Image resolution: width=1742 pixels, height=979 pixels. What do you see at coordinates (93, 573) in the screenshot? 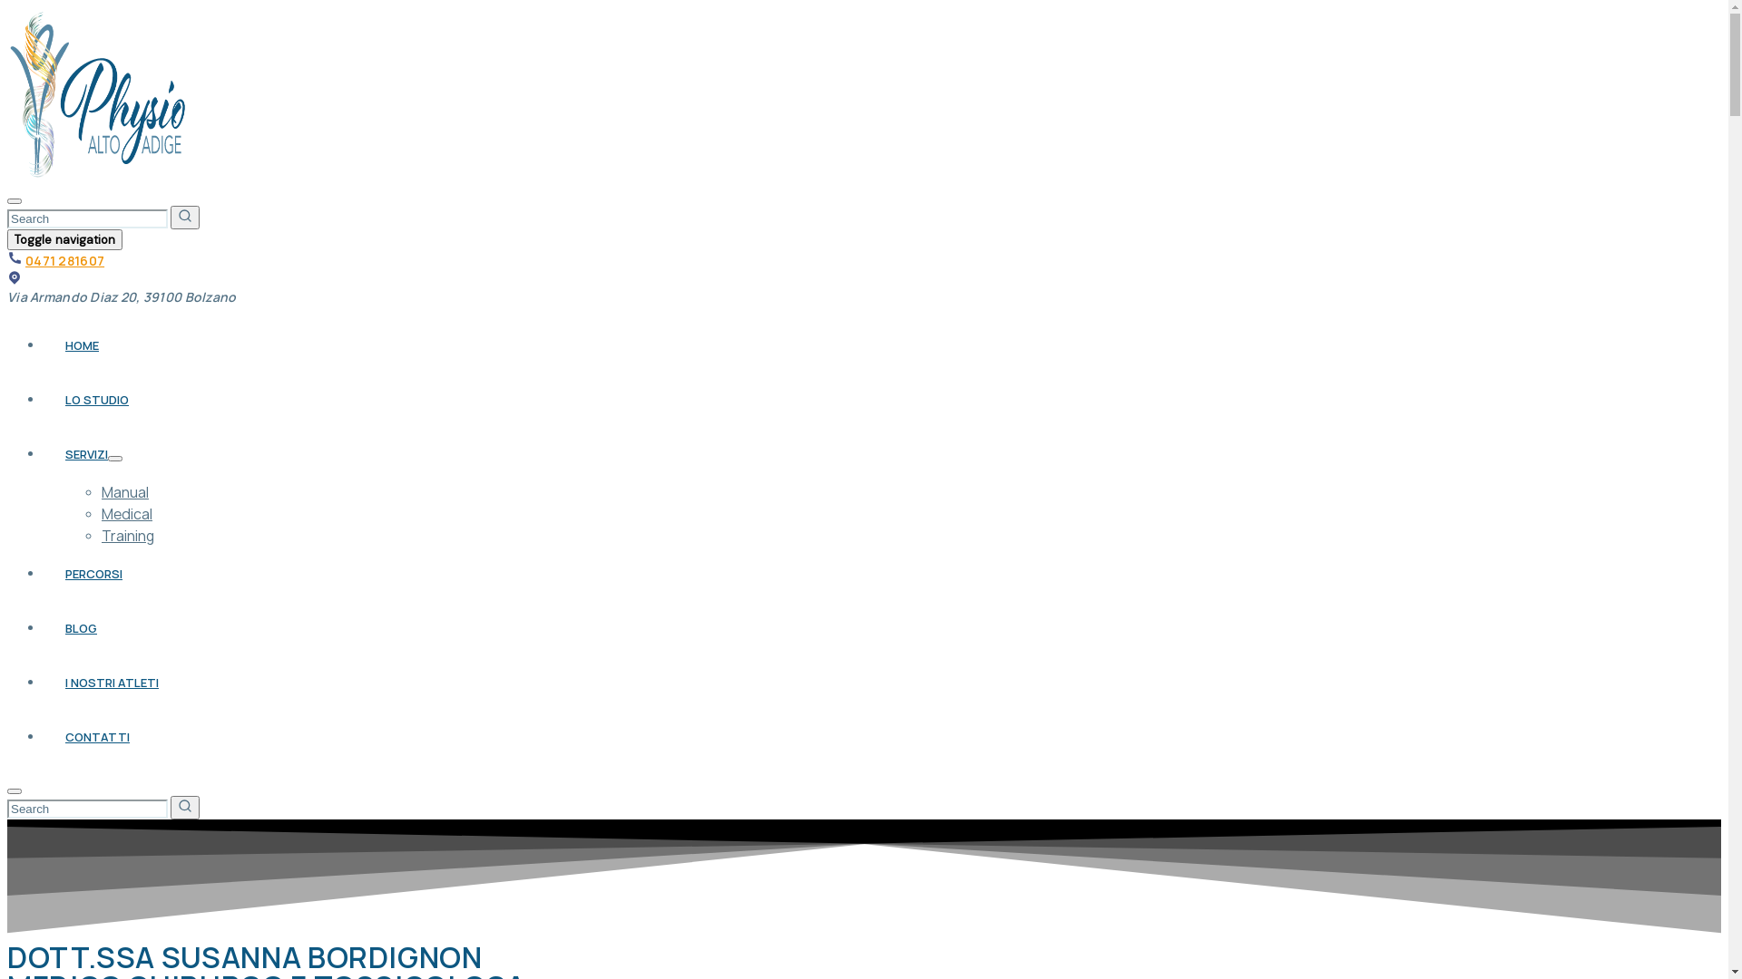
I see `'PERCORSI'` at bounding box center [93, 573].